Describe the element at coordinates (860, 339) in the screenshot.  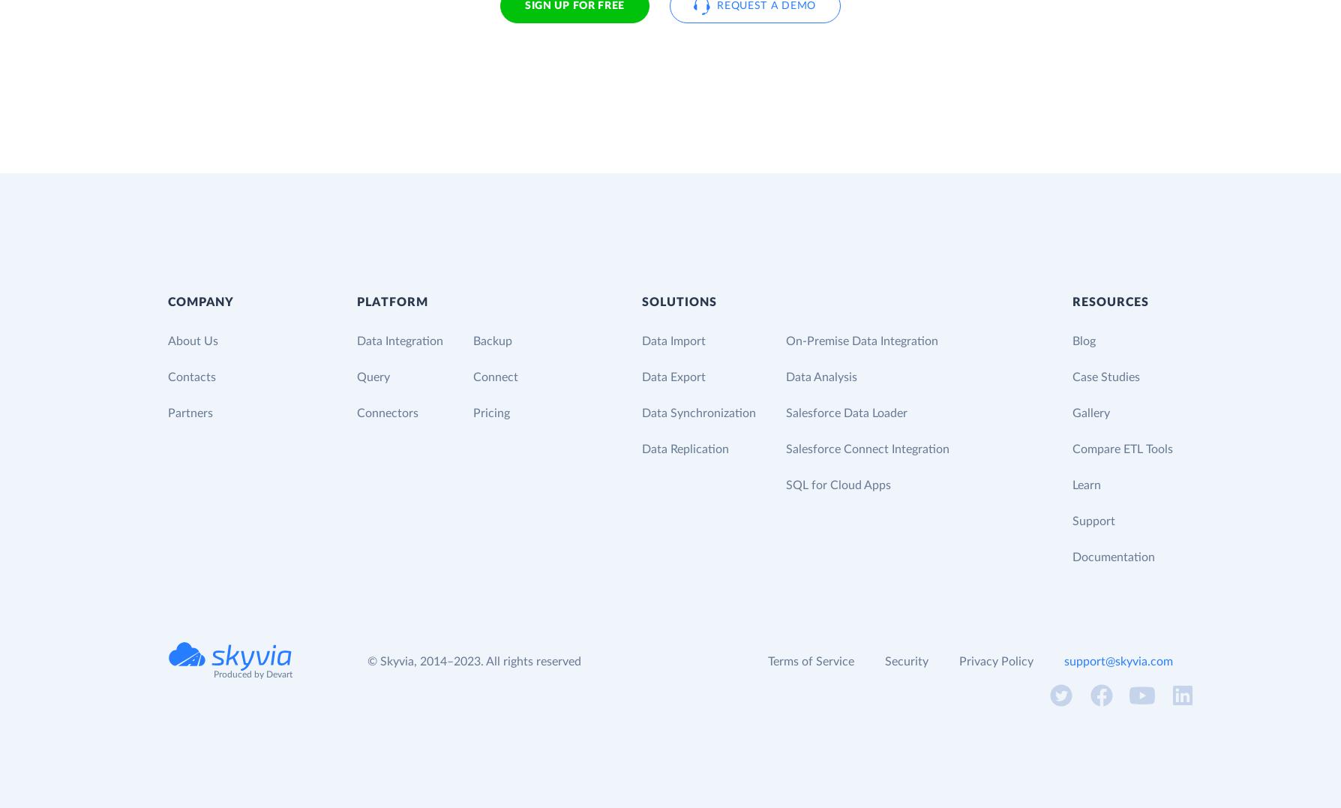
I see `'On-Premise Data Integration'` at that location.